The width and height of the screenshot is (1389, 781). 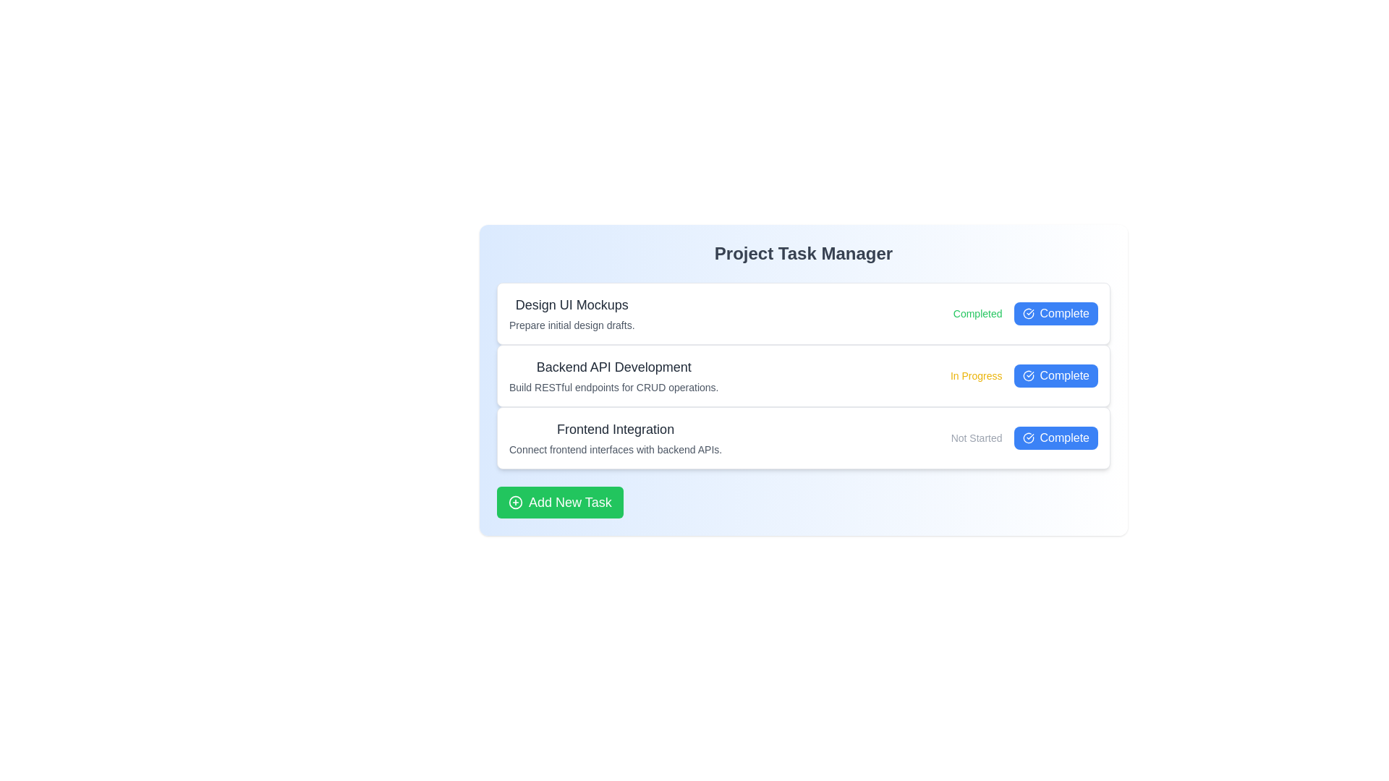 I want to click on the 'Add New Task' button to initiate the task addition process, so click(x=558, y=501).